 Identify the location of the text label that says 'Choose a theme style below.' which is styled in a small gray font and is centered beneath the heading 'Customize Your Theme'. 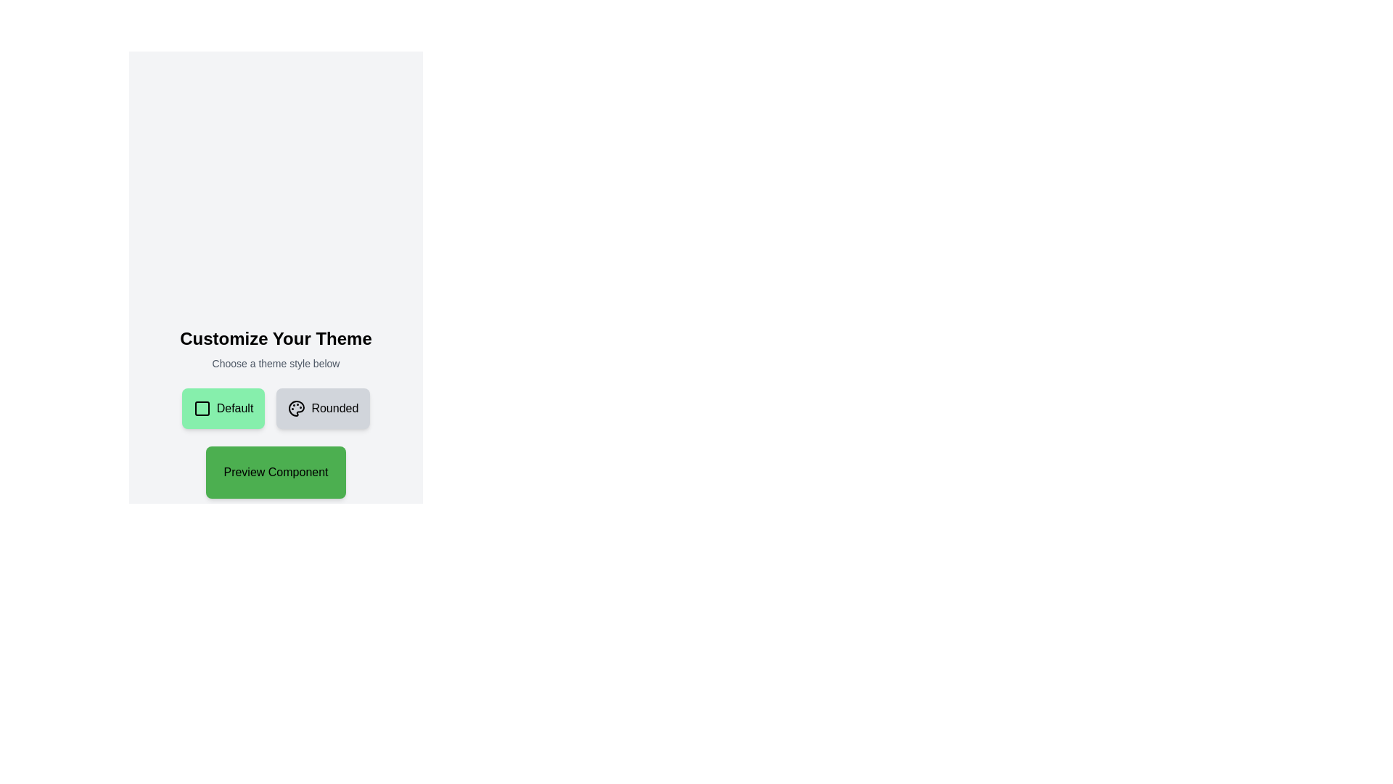
(276, 363).